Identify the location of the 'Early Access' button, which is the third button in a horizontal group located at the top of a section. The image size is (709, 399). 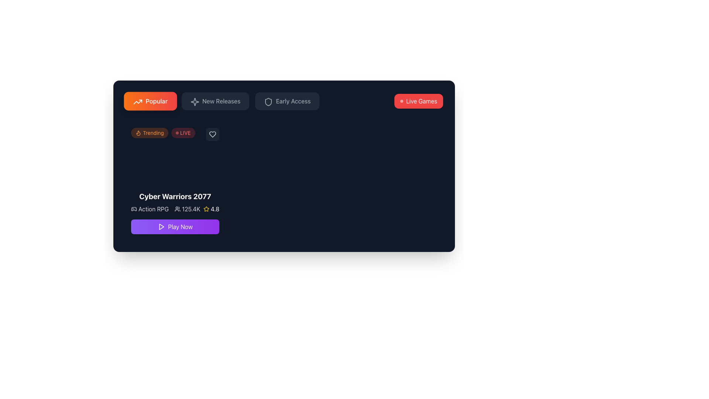
(287, 101).